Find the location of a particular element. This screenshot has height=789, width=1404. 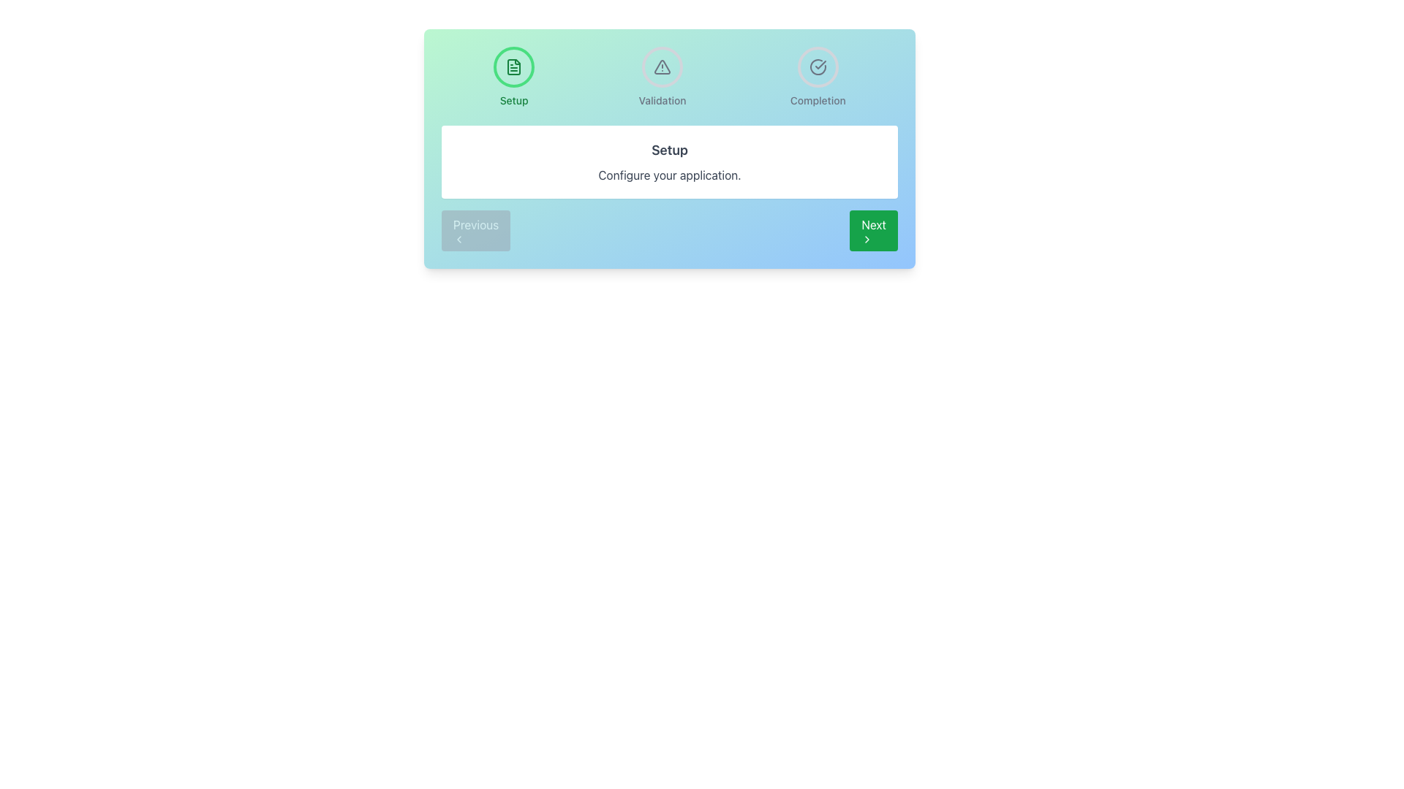

the 'Previous' button, which is the leftmost button in a horizontal group at the bottom of the card is located at coordinates (476, 230).